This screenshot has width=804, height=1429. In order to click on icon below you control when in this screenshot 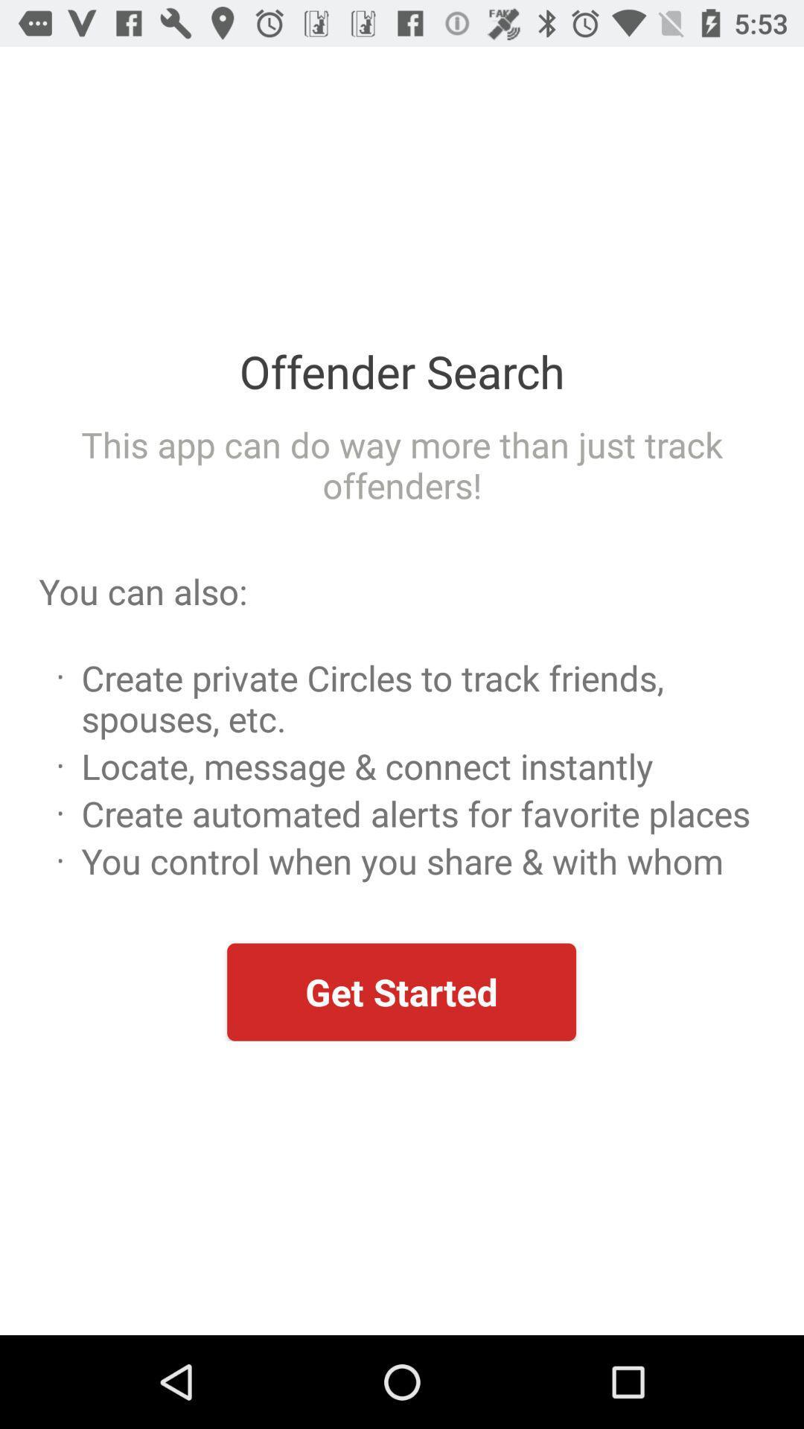, I will do `click(401, 992)`.